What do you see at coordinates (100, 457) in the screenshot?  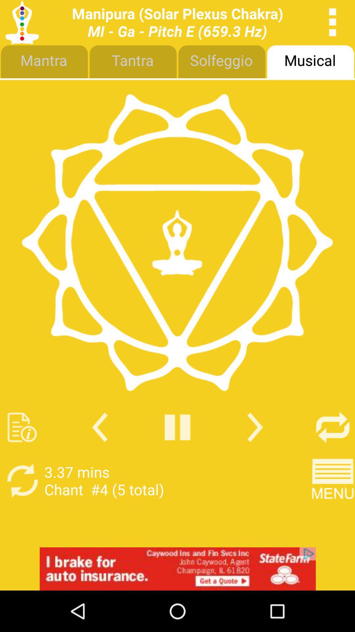 I see `the arrow_backward icon` at bounding box center [100, 457].